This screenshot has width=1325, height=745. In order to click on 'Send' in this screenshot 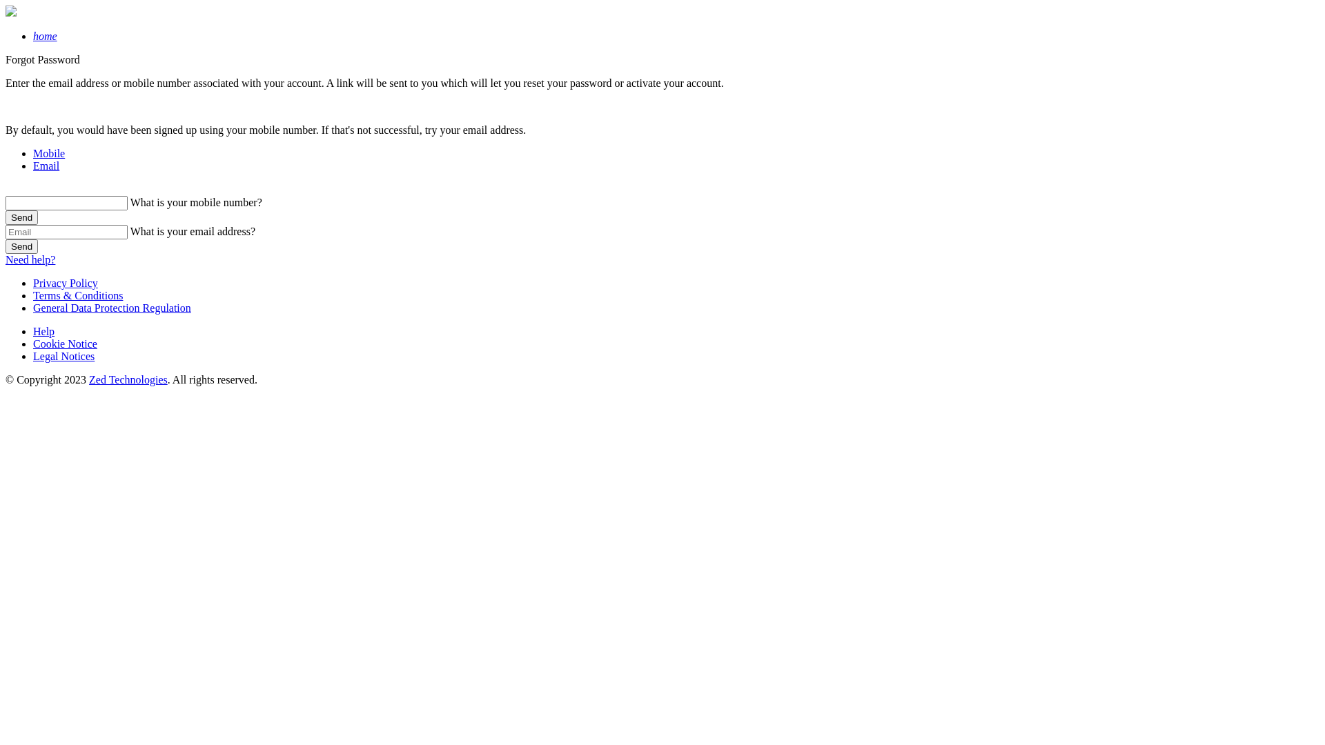, I will do `click(21, 246)`.